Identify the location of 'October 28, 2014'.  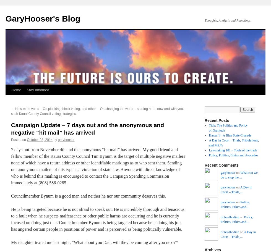
(27, 139).